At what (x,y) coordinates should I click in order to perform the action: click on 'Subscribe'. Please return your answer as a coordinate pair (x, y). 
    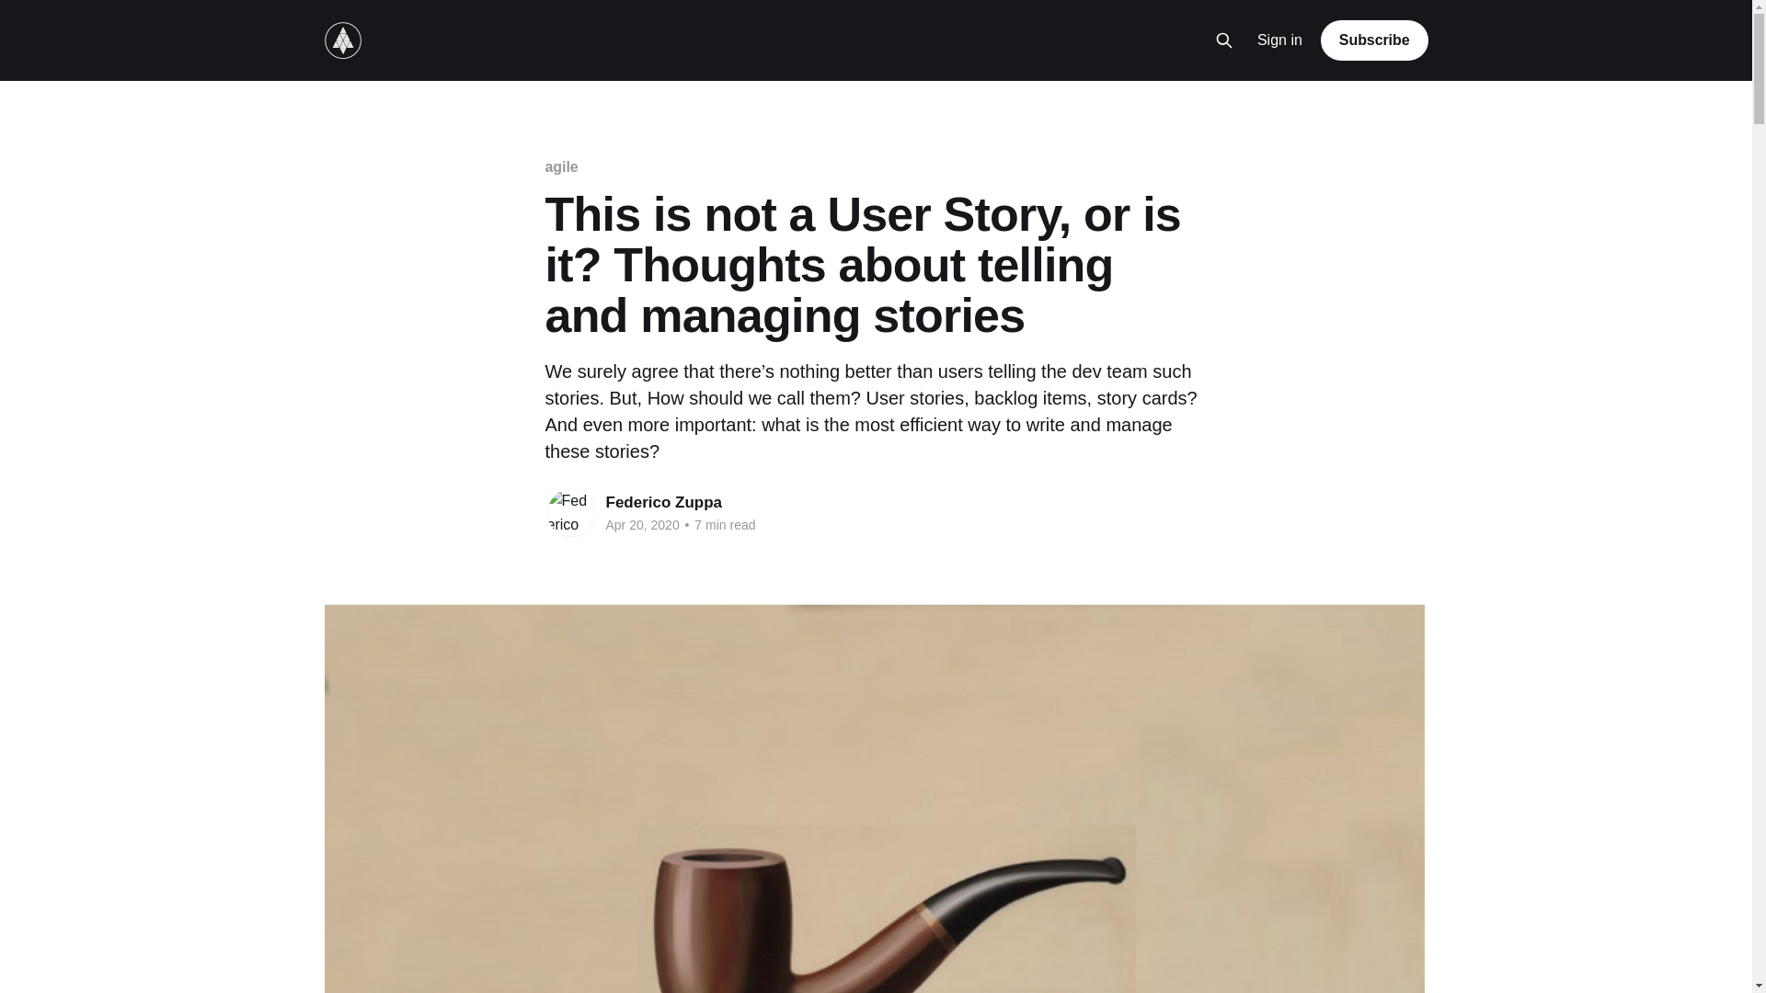
    Looking at the image, I should click on (1374, 40).